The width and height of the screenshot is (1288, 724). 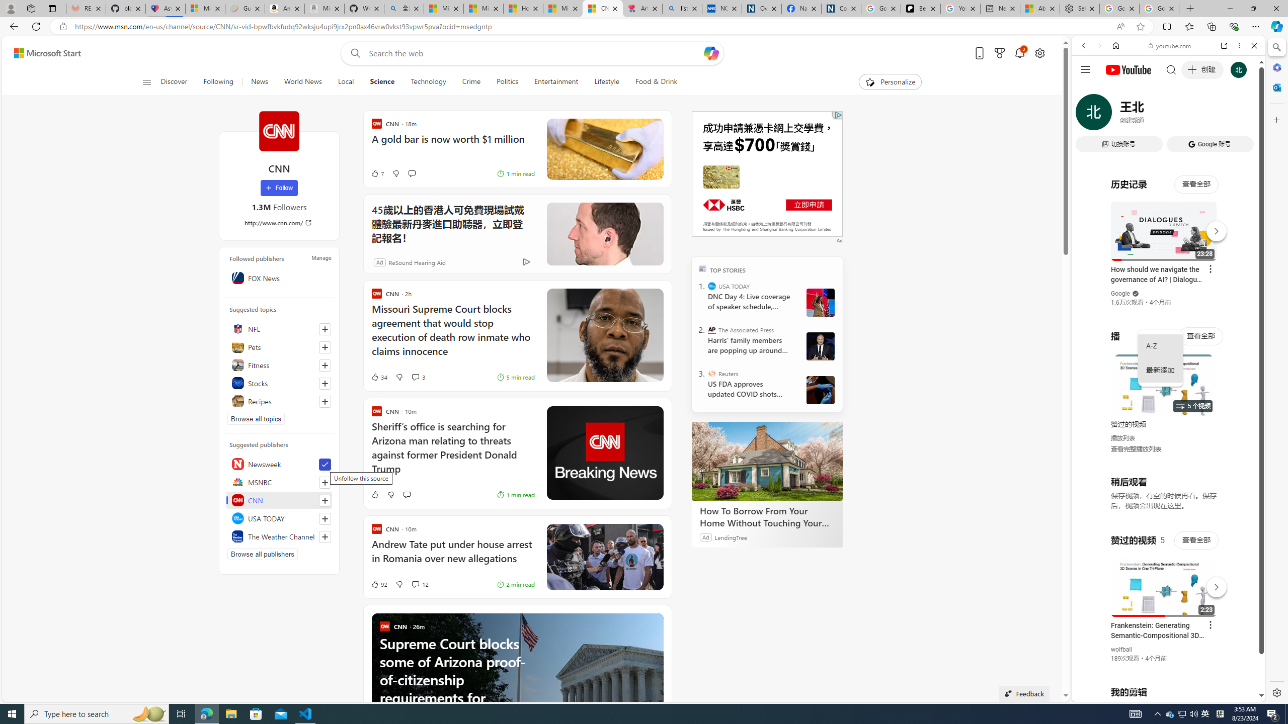 What do you see at coordinates (767, 461) in the screenshot?
I see `'How To Borrow From Your Home Without Touching Your Mortgage'` at bounding box center [767, 461].